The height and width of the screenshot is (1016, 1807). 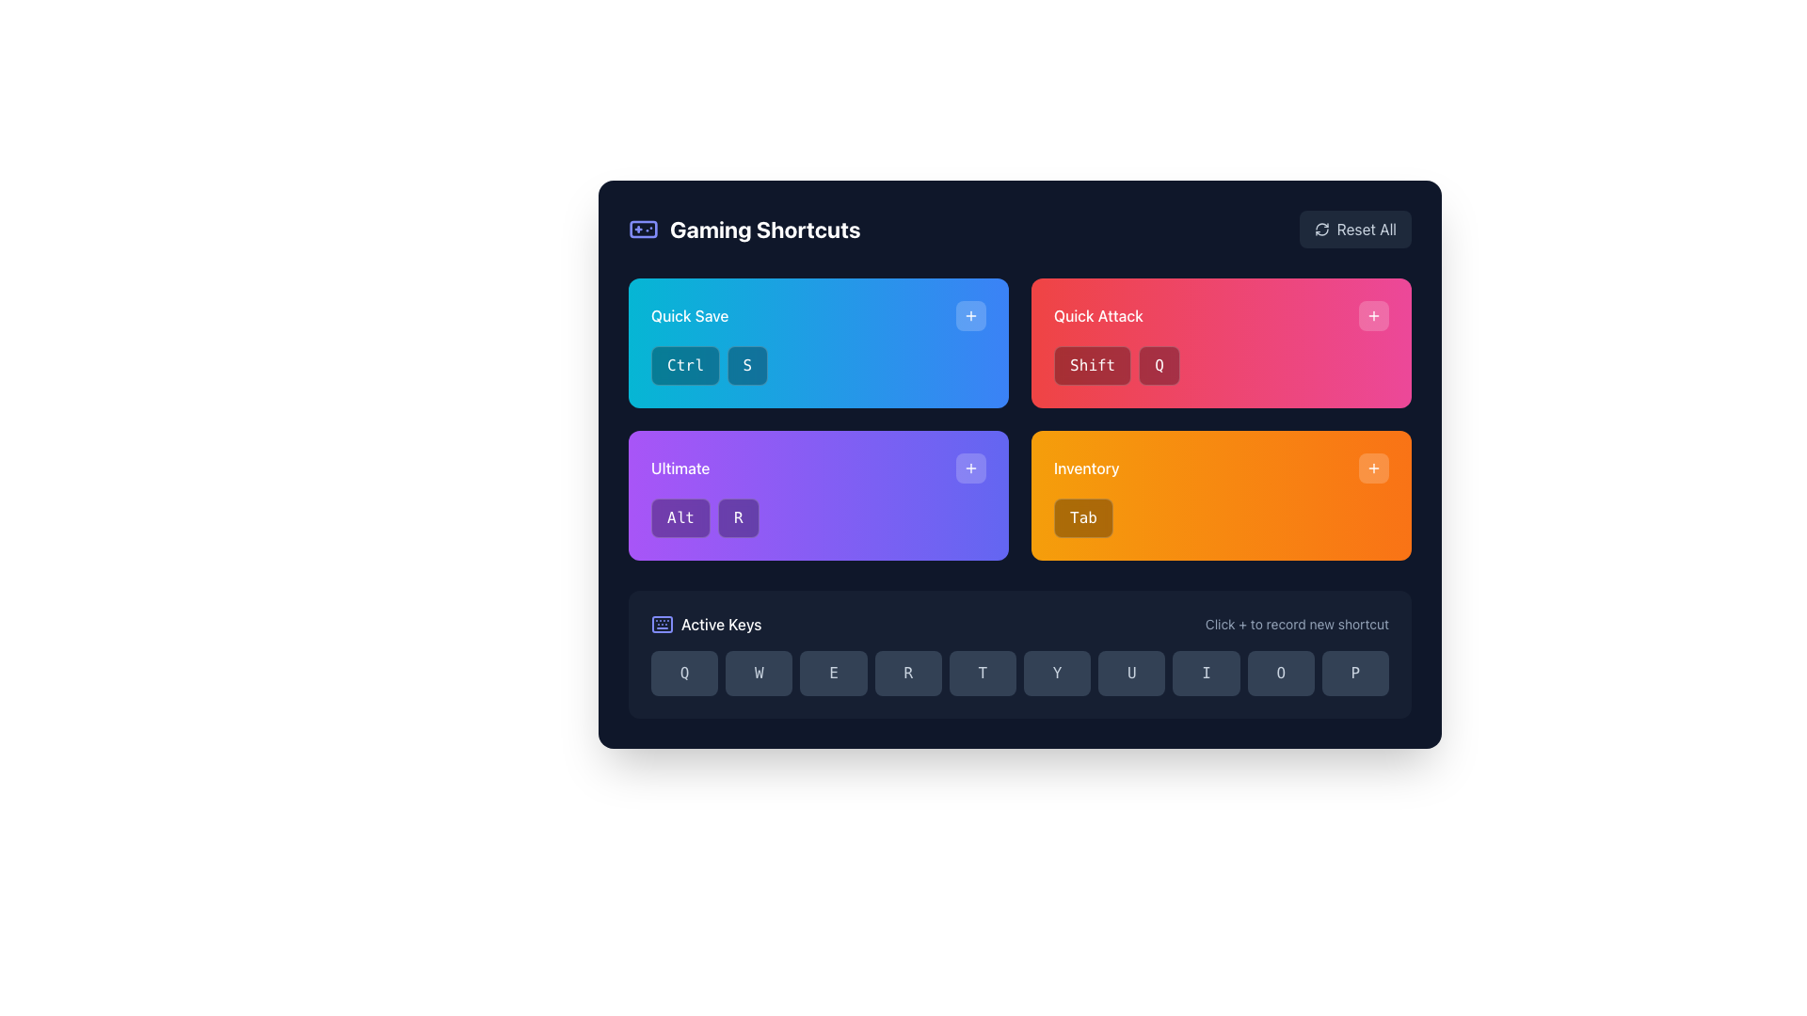 I want to click on the modern, stylized gamepad icon located at the top-left corner of the interface, adjacent to the 'Gaming Shortcuts' text, so click(x=644, y=228).